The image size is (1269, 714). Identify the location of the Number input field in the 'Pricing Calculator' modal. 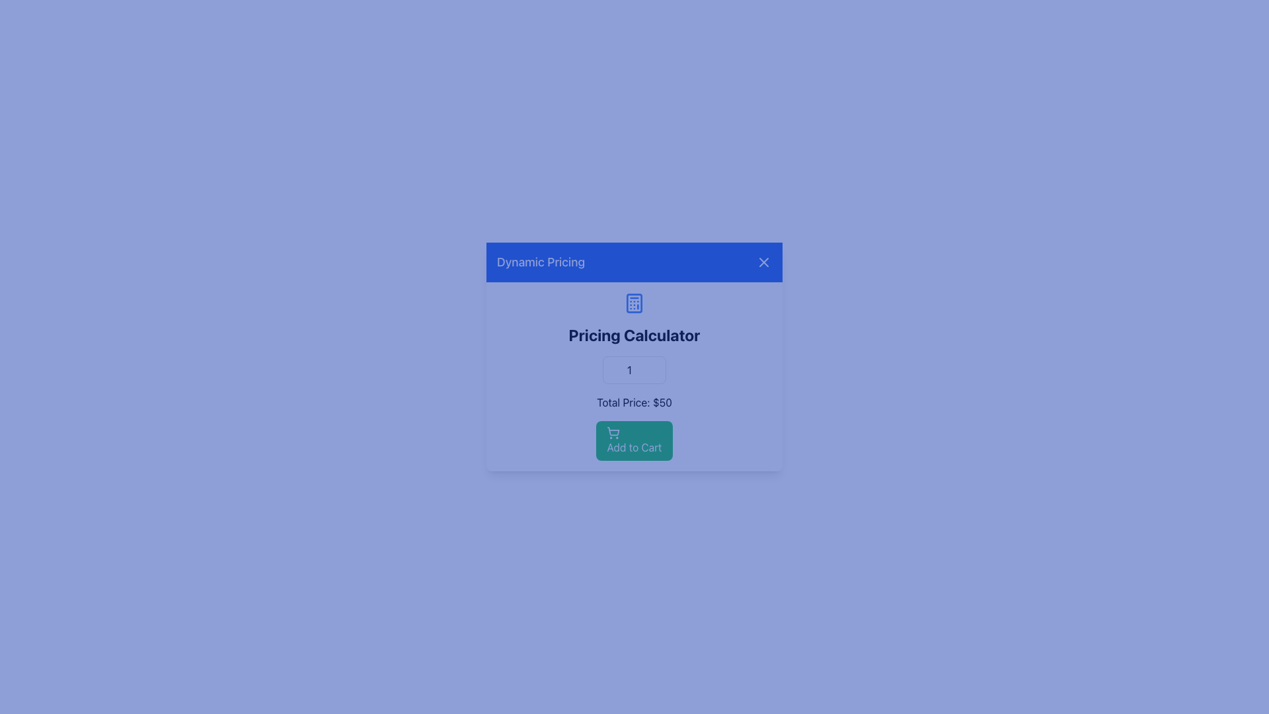
(634, 370).